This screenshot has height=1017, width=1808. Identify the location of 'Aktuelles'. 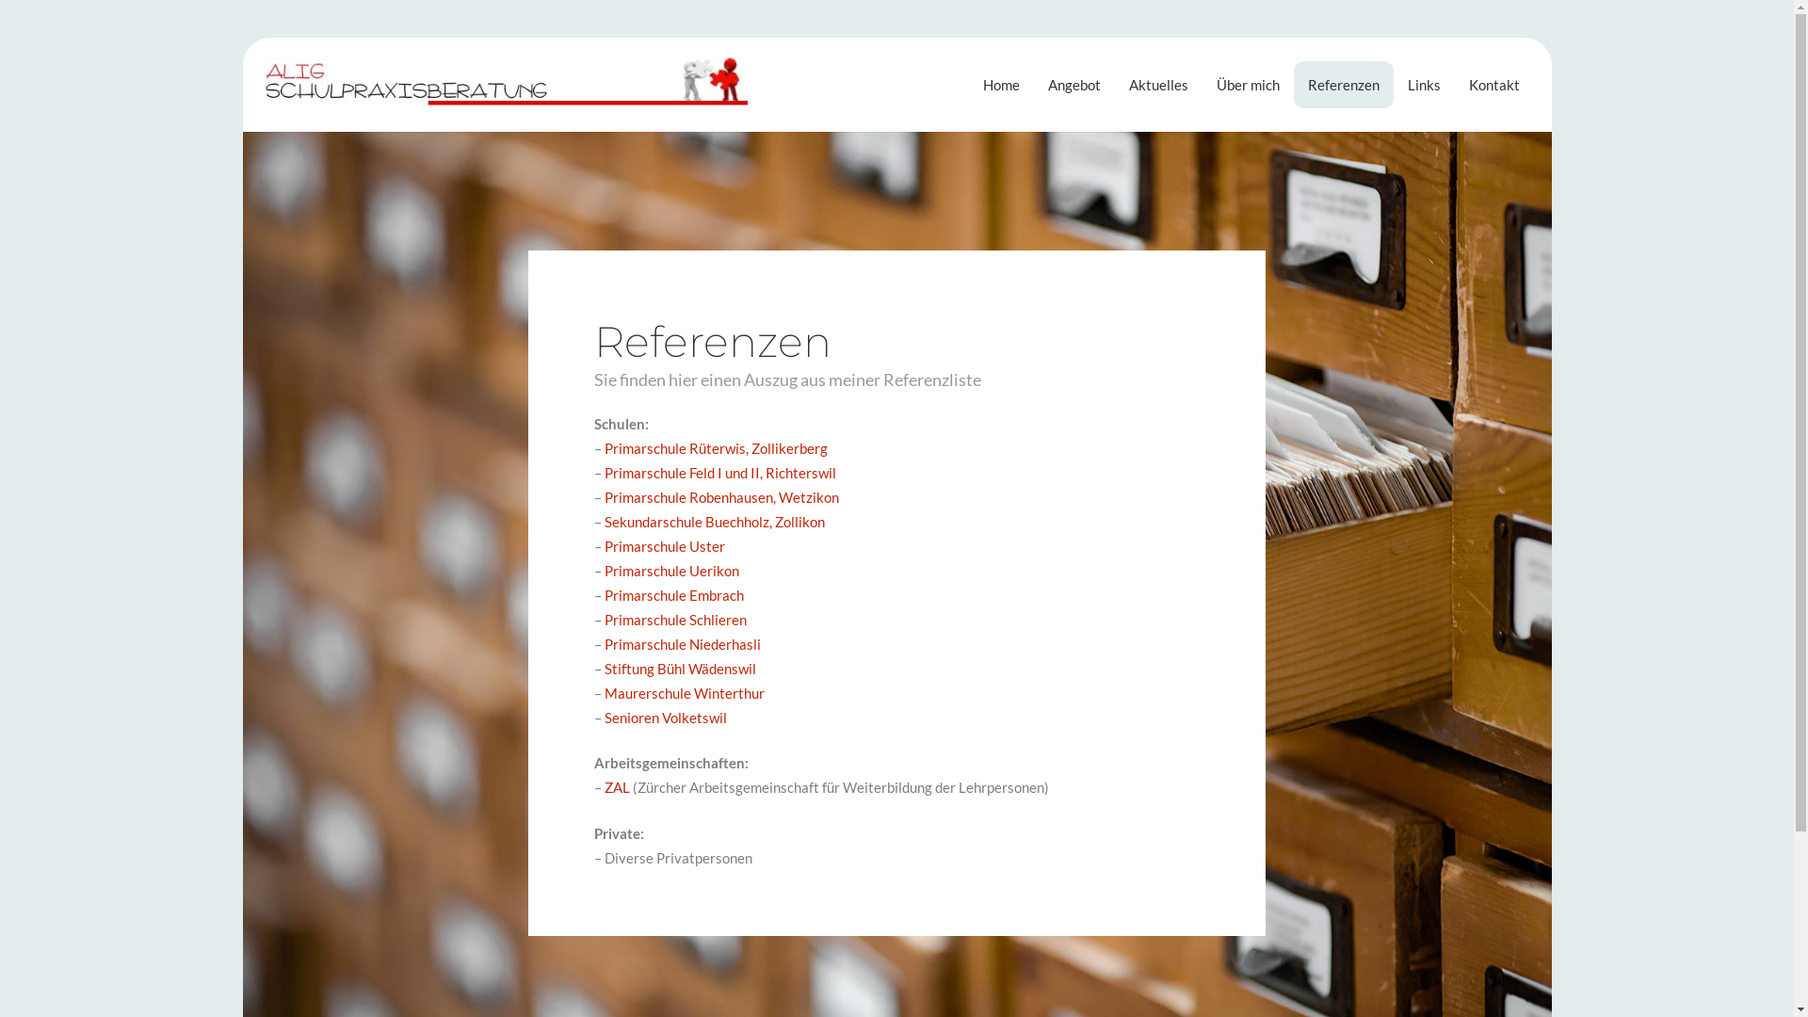
(1157, 83).